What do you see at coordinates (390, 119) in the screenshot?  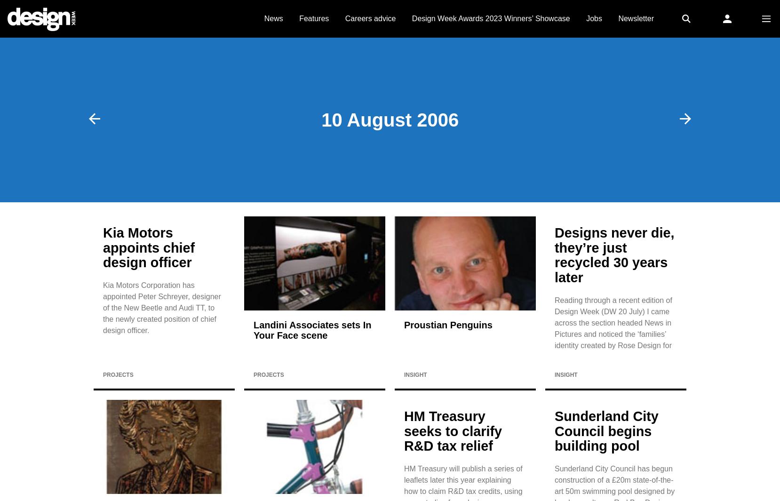 I see `'10 August 2006'` at bounding box center [390, 119].